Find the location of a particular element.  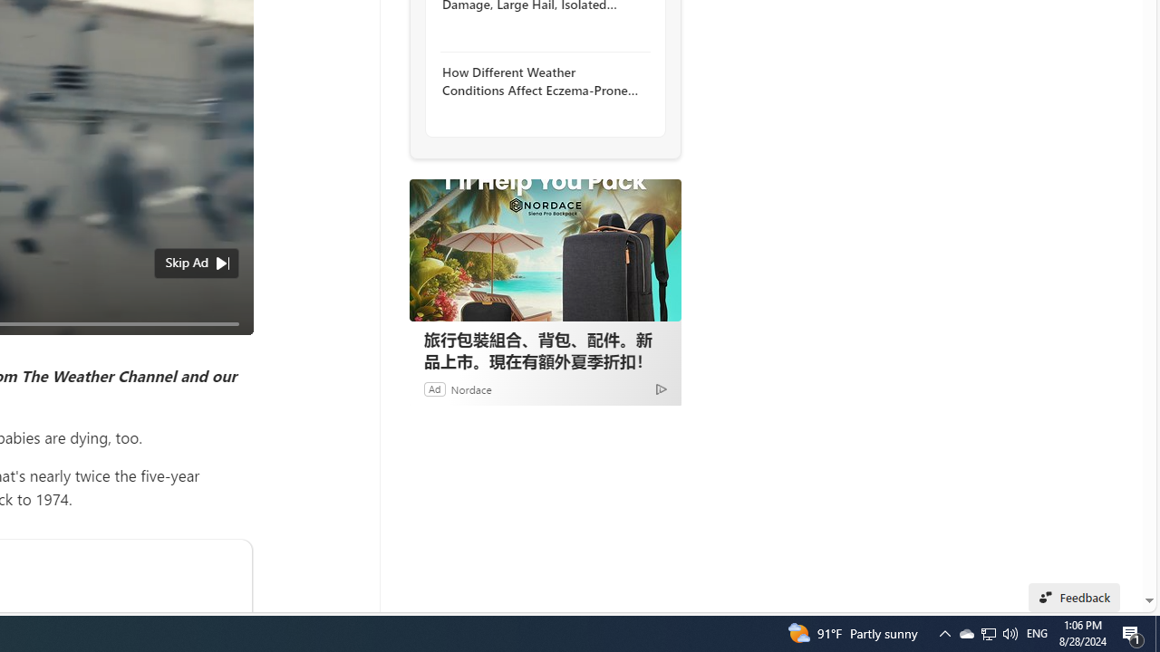

'Feedback' is located at coordinates (1074, 597).